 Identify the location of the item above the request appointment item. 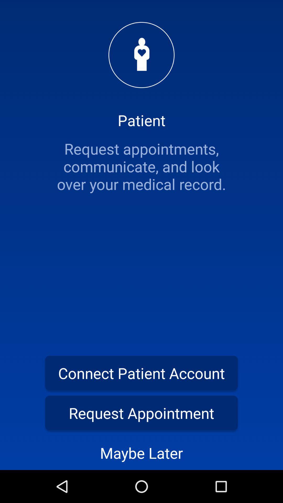
(141, 373).